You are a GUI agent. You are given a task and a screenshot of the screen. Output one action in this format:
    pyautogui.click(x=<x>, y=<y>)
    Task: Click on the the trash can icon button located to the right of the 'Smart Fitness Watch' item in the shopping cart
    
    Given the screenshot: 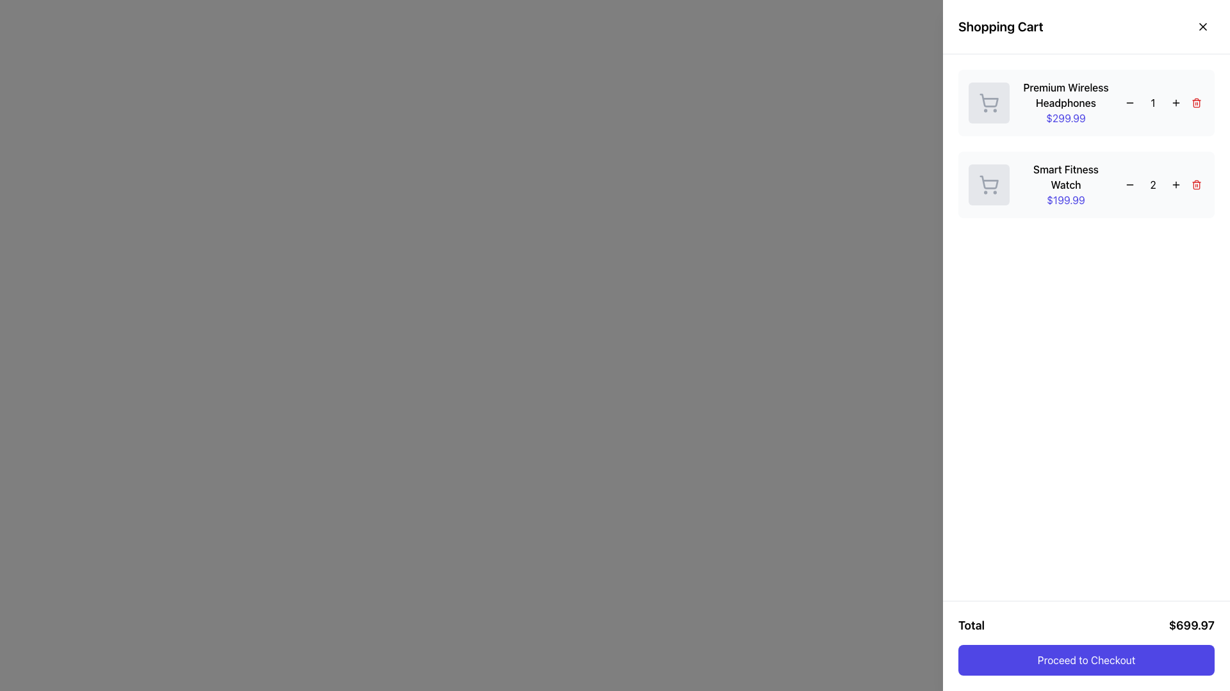 What is the action you would take?
    pyautogui.click(x=1195, y=185)
    